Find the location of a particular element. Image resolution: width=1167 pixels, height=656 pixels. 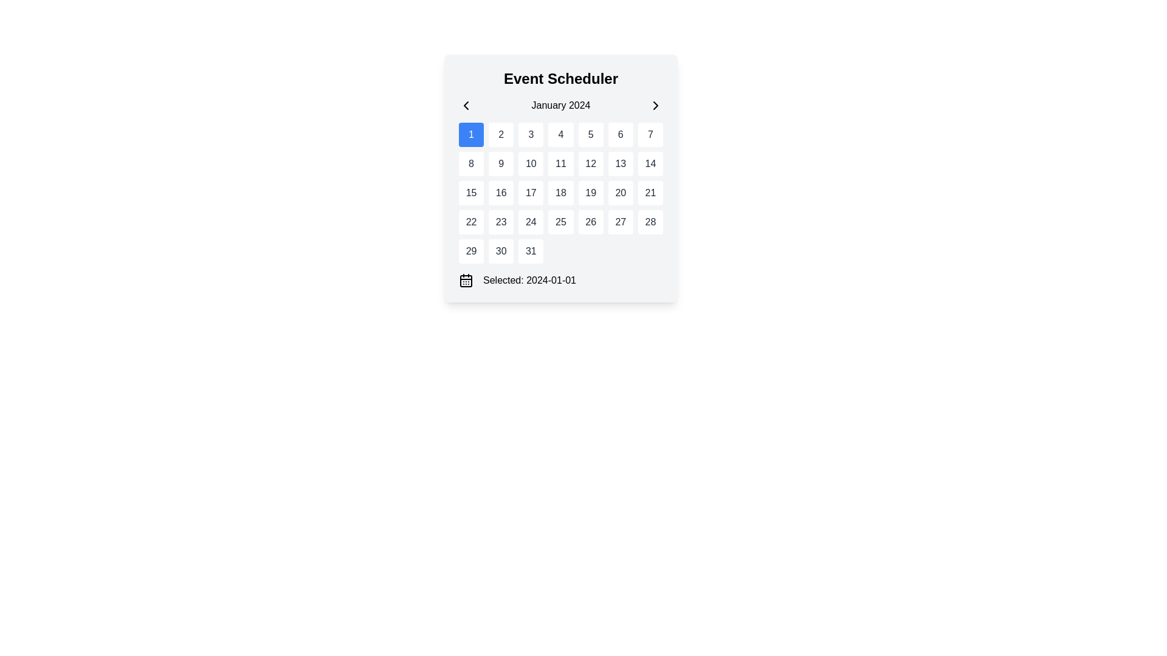

the calendar day cell in the second row and sixth column of the January 2024 month view is located at coordinates (591, 164).